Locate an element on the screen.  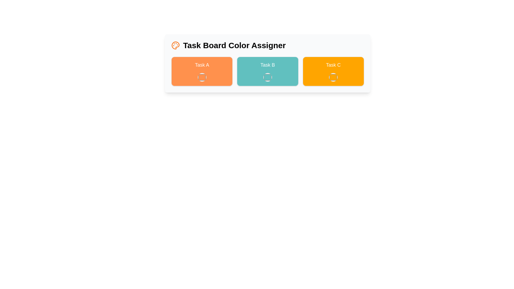
the teal circular color picker located within the 'Task B' card is located at coordinates (267, 77).